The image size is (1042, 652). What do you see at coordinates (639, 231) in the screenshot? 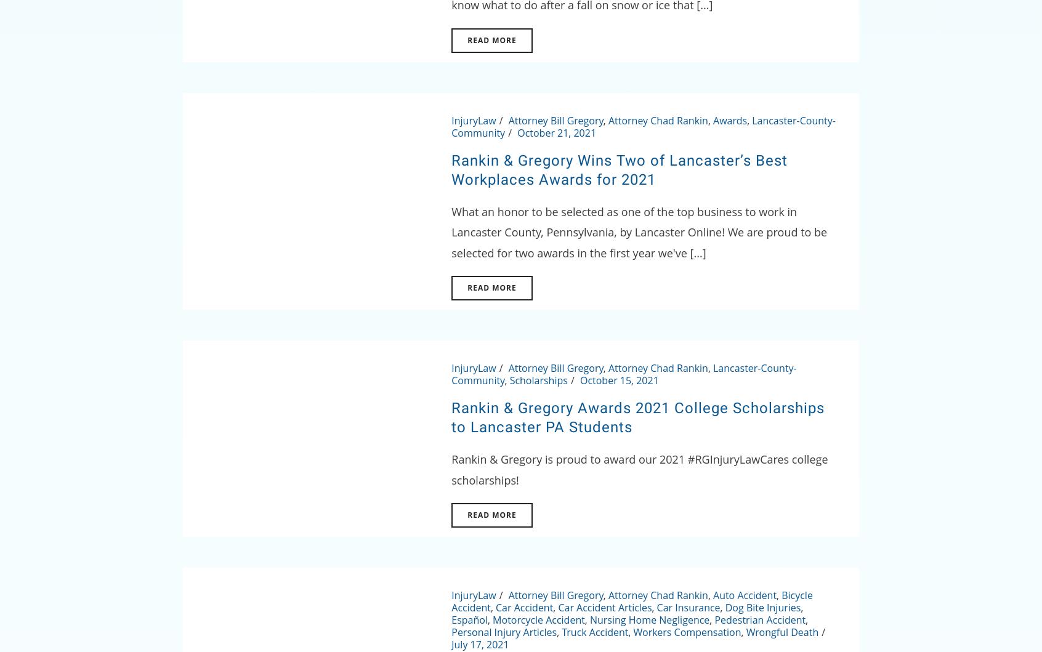
I see `'What an honor to be selected as one of the top business to work in Lancaster County, Pennsylvania, by Lancaster Online! We are proud to be selected for two awards in the first year we've [...]'` at bounding box center [639, 231].